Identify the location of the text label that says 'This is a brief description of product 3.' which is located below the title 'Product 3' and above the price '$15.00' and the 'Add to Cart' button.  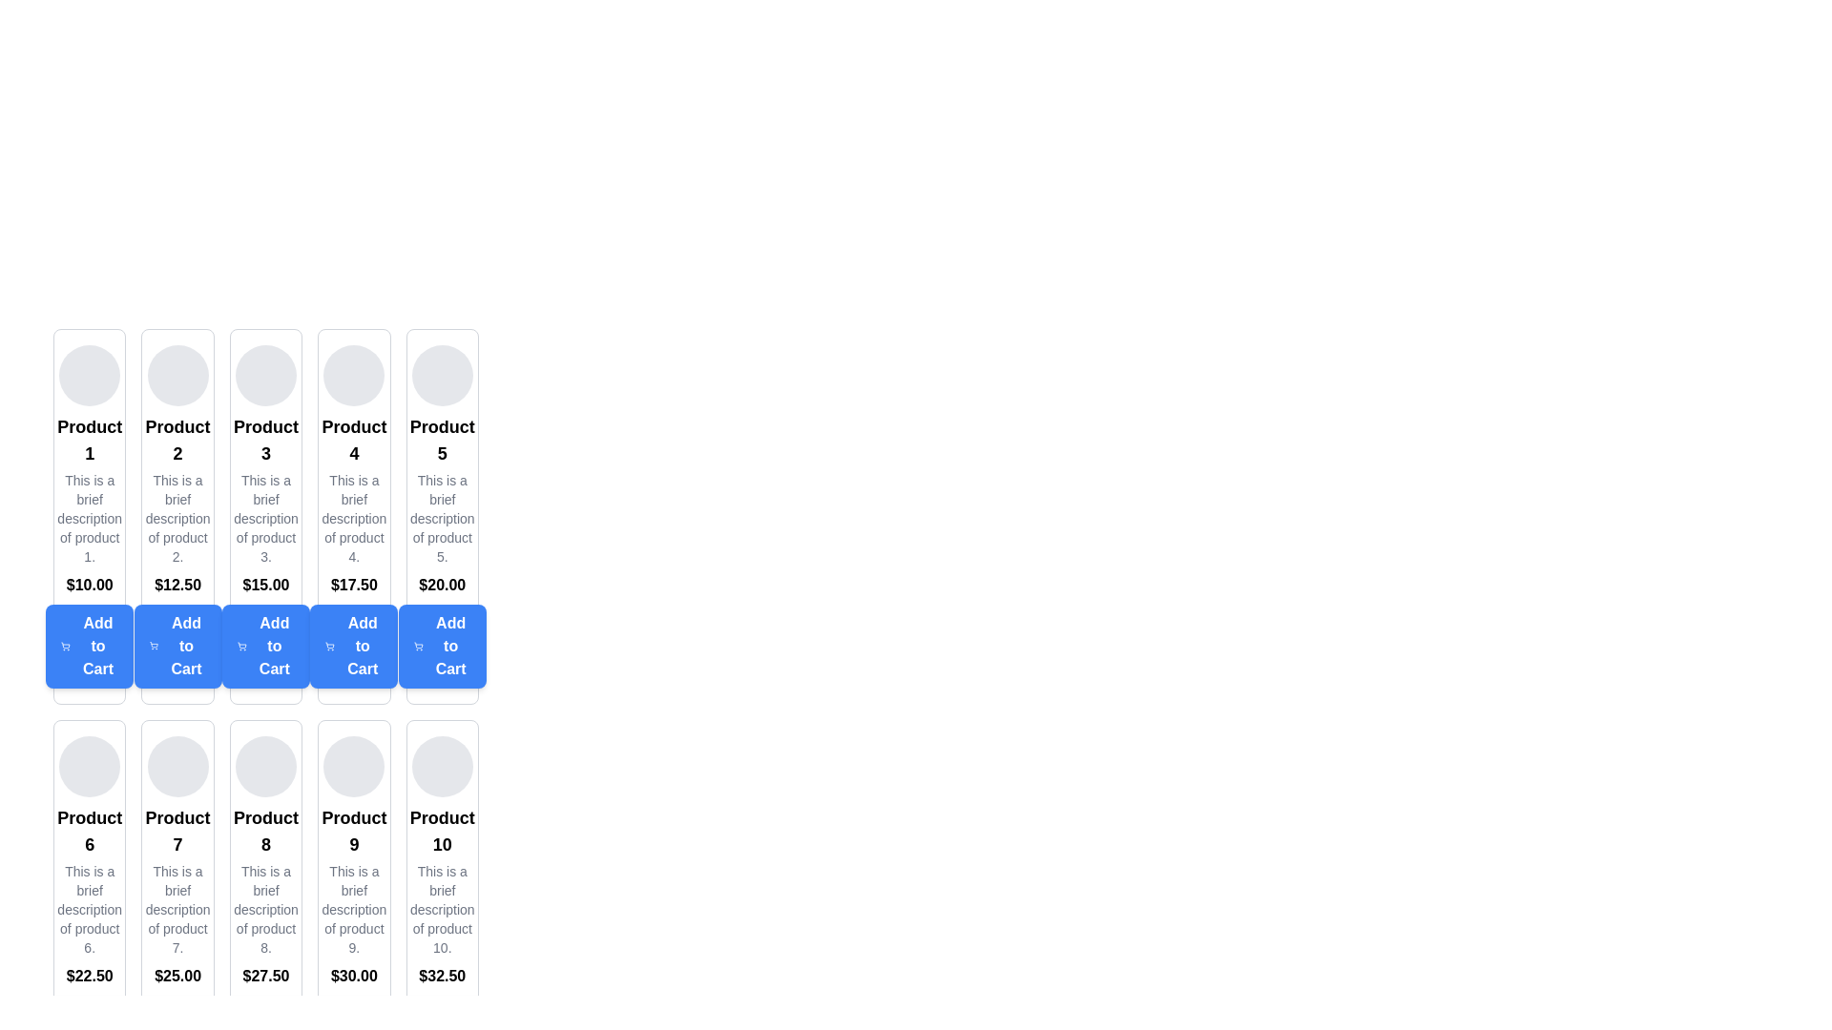
(264, 518).